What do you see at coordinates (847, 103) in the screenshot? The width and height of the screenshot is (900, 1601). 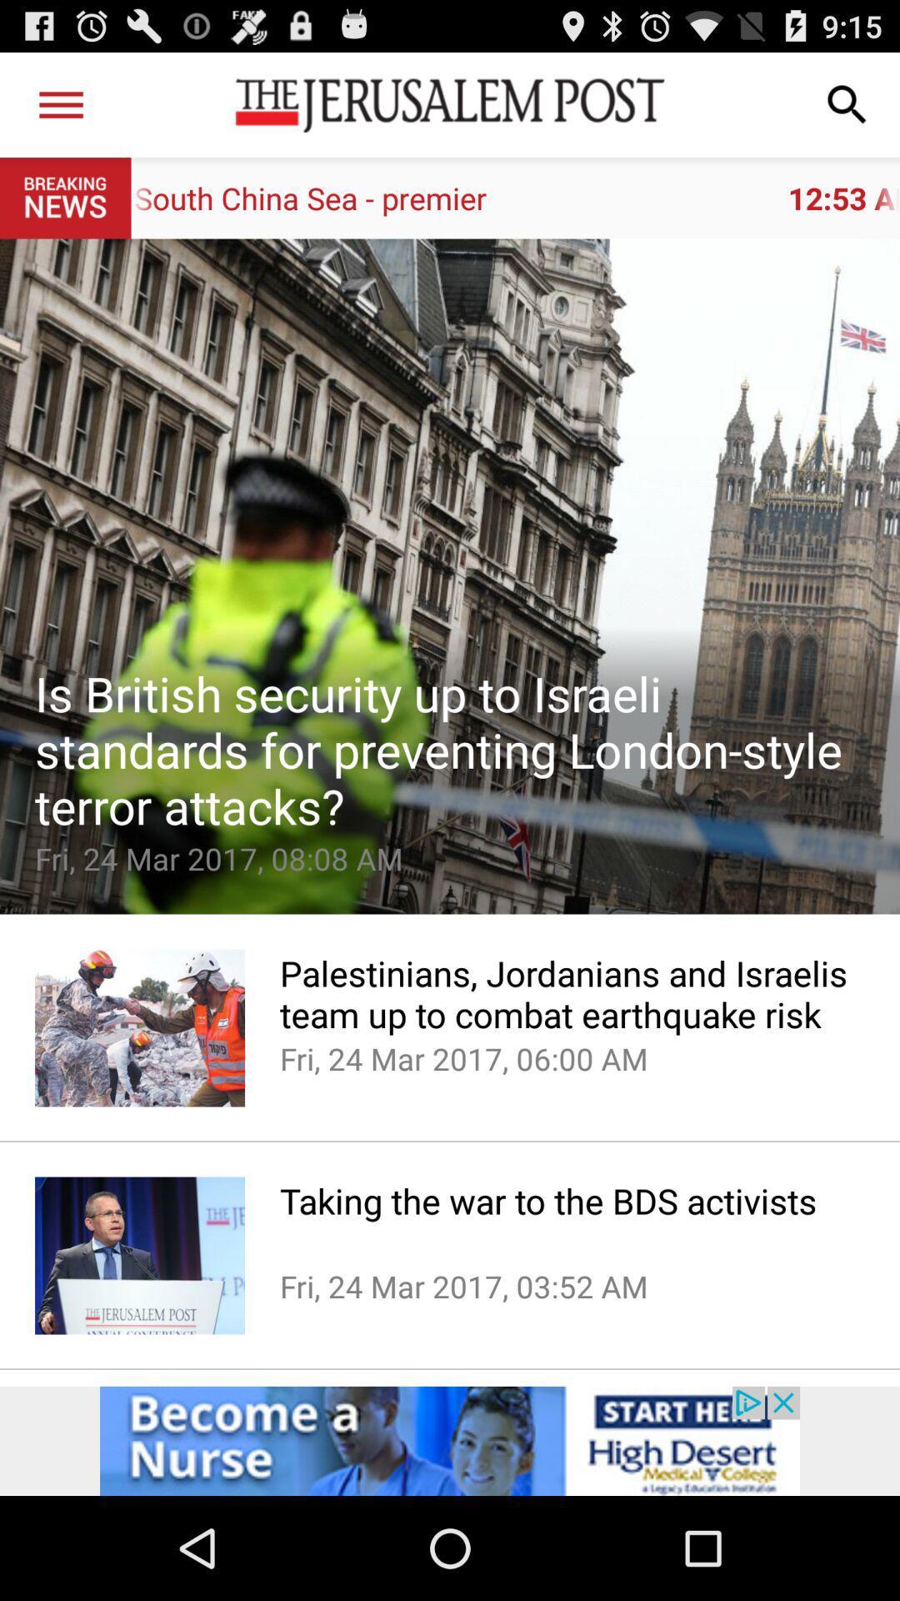 I see `item above 12 53 am` at bounding box center [847, 103].